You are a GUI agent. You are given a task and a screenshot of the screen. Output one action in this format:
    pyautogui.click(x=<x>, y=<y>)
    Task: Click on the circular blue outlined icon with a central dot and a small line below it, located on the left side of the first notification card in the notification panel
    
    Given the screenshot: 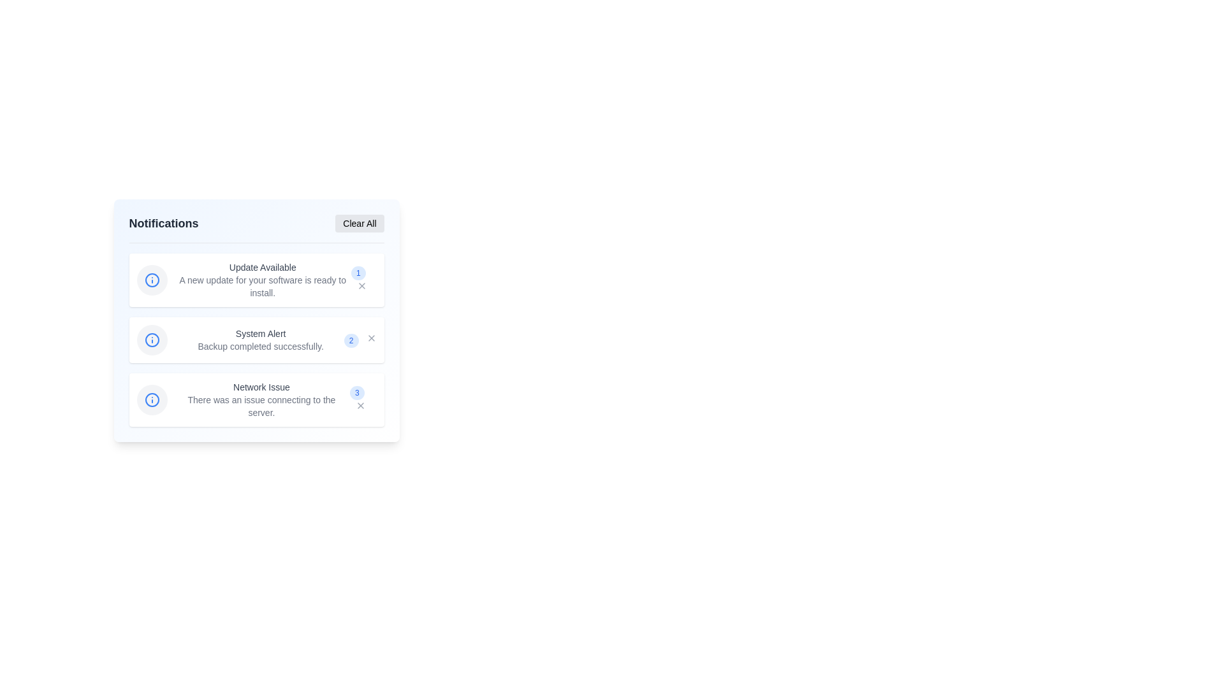 What is the action you would take?
    pyautogui.click(x=152, y=279)
    